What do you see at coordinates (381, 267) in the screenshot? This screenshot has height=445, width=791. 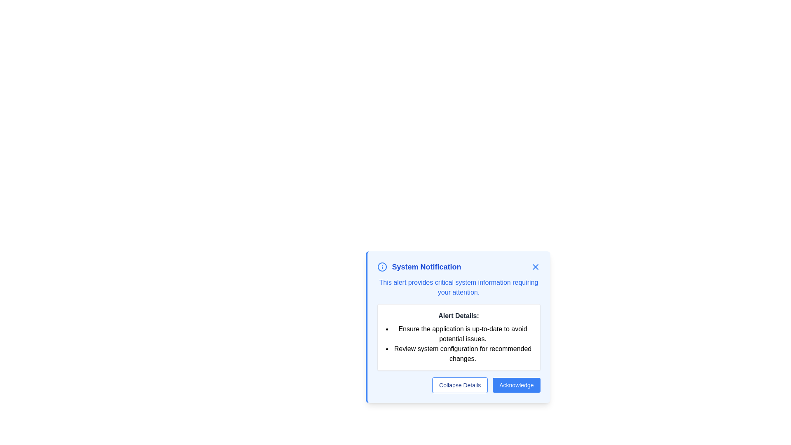 I see `the information icon located to the immediate left of the text 'System Notification' within the notification prompt` at bounding box center [381, 267].